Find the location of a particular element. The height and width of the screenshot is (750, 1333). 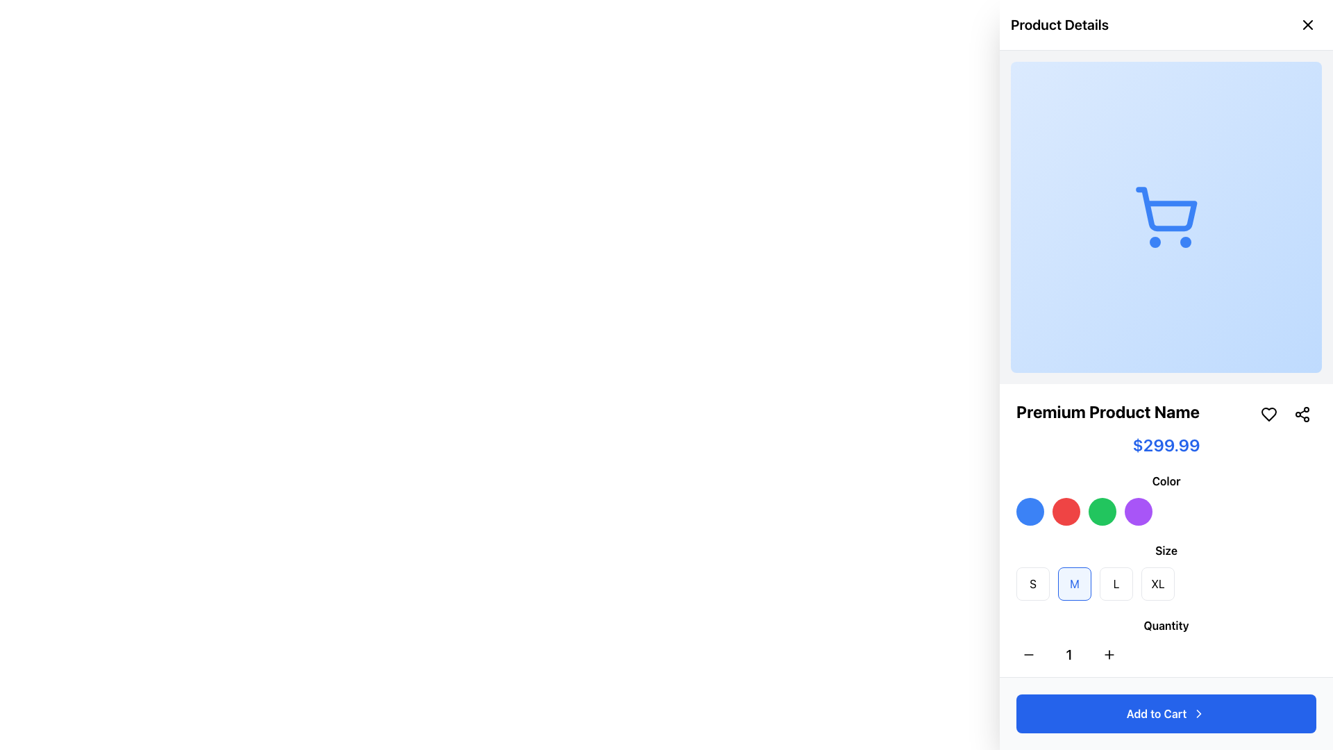

the 'Premium Product Name' text label, which is styled in bold and prominently displayed below a shopping cart image and above a price label is located at coordinates (1166, 414).